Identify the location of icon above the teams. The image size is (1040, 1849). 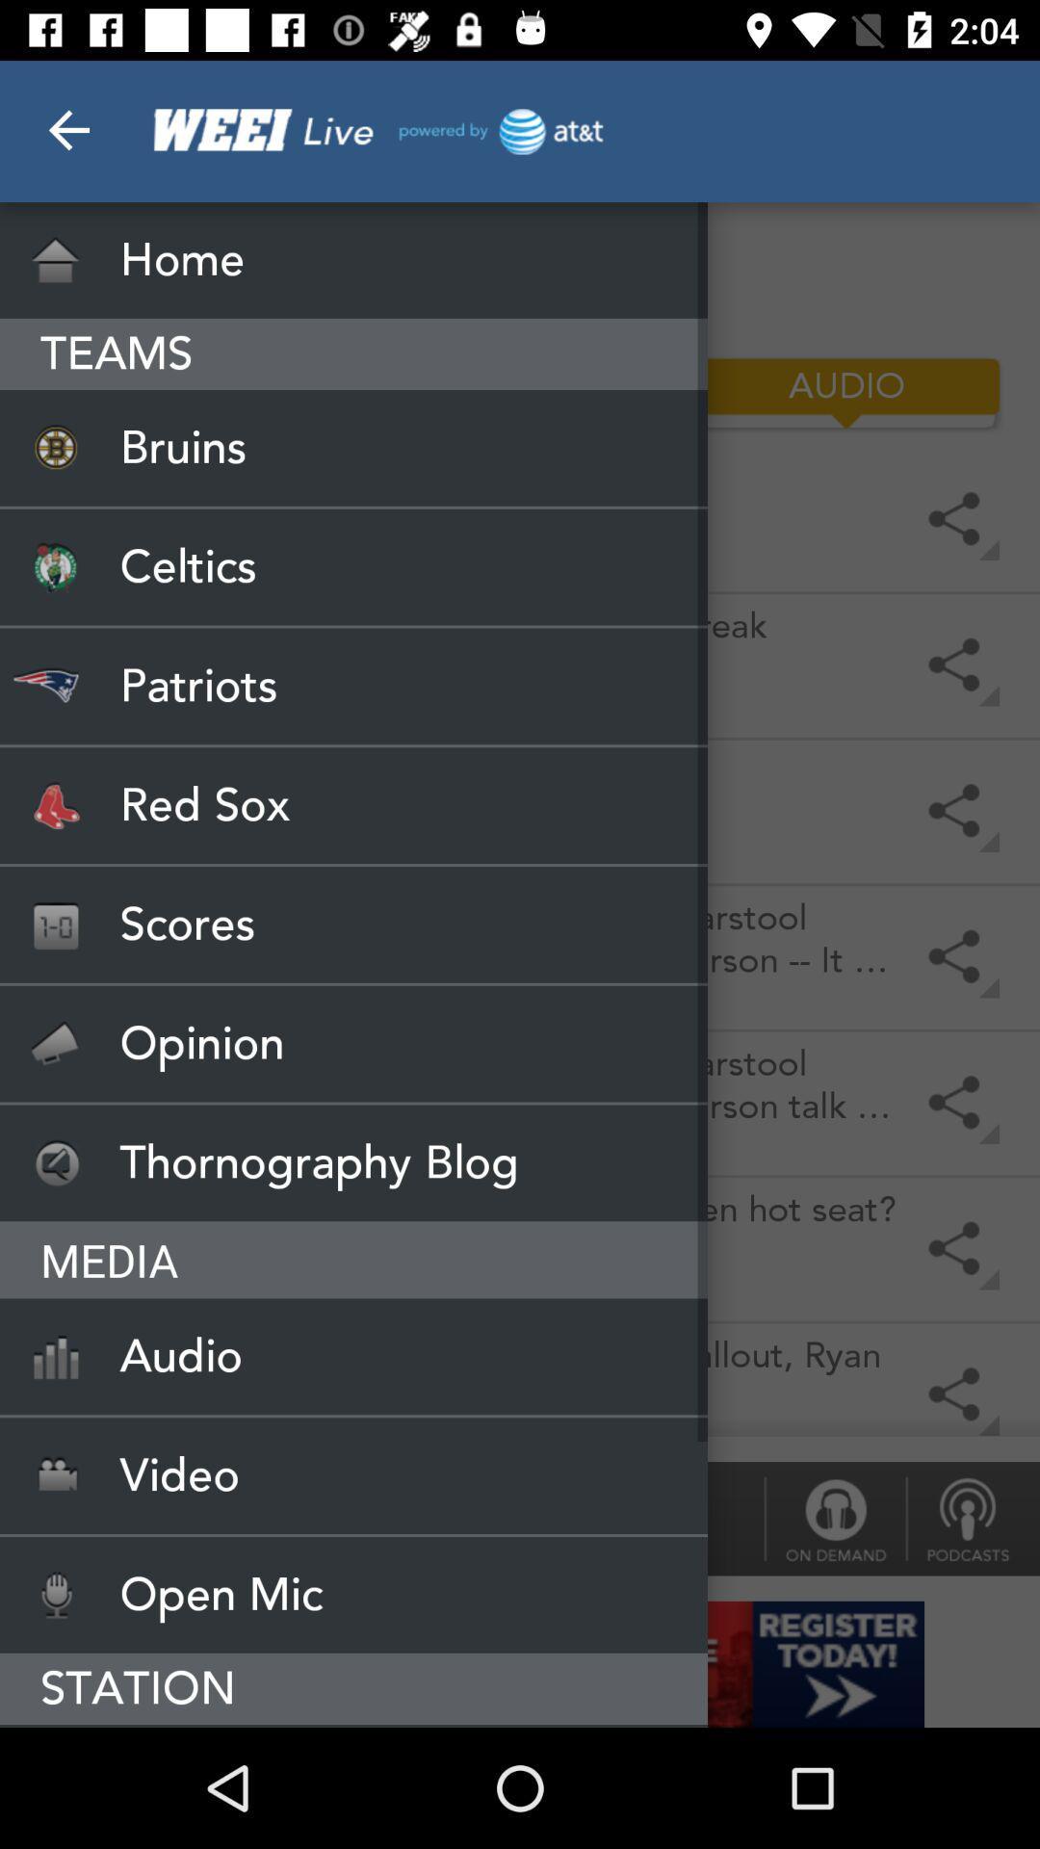
(353, 259).